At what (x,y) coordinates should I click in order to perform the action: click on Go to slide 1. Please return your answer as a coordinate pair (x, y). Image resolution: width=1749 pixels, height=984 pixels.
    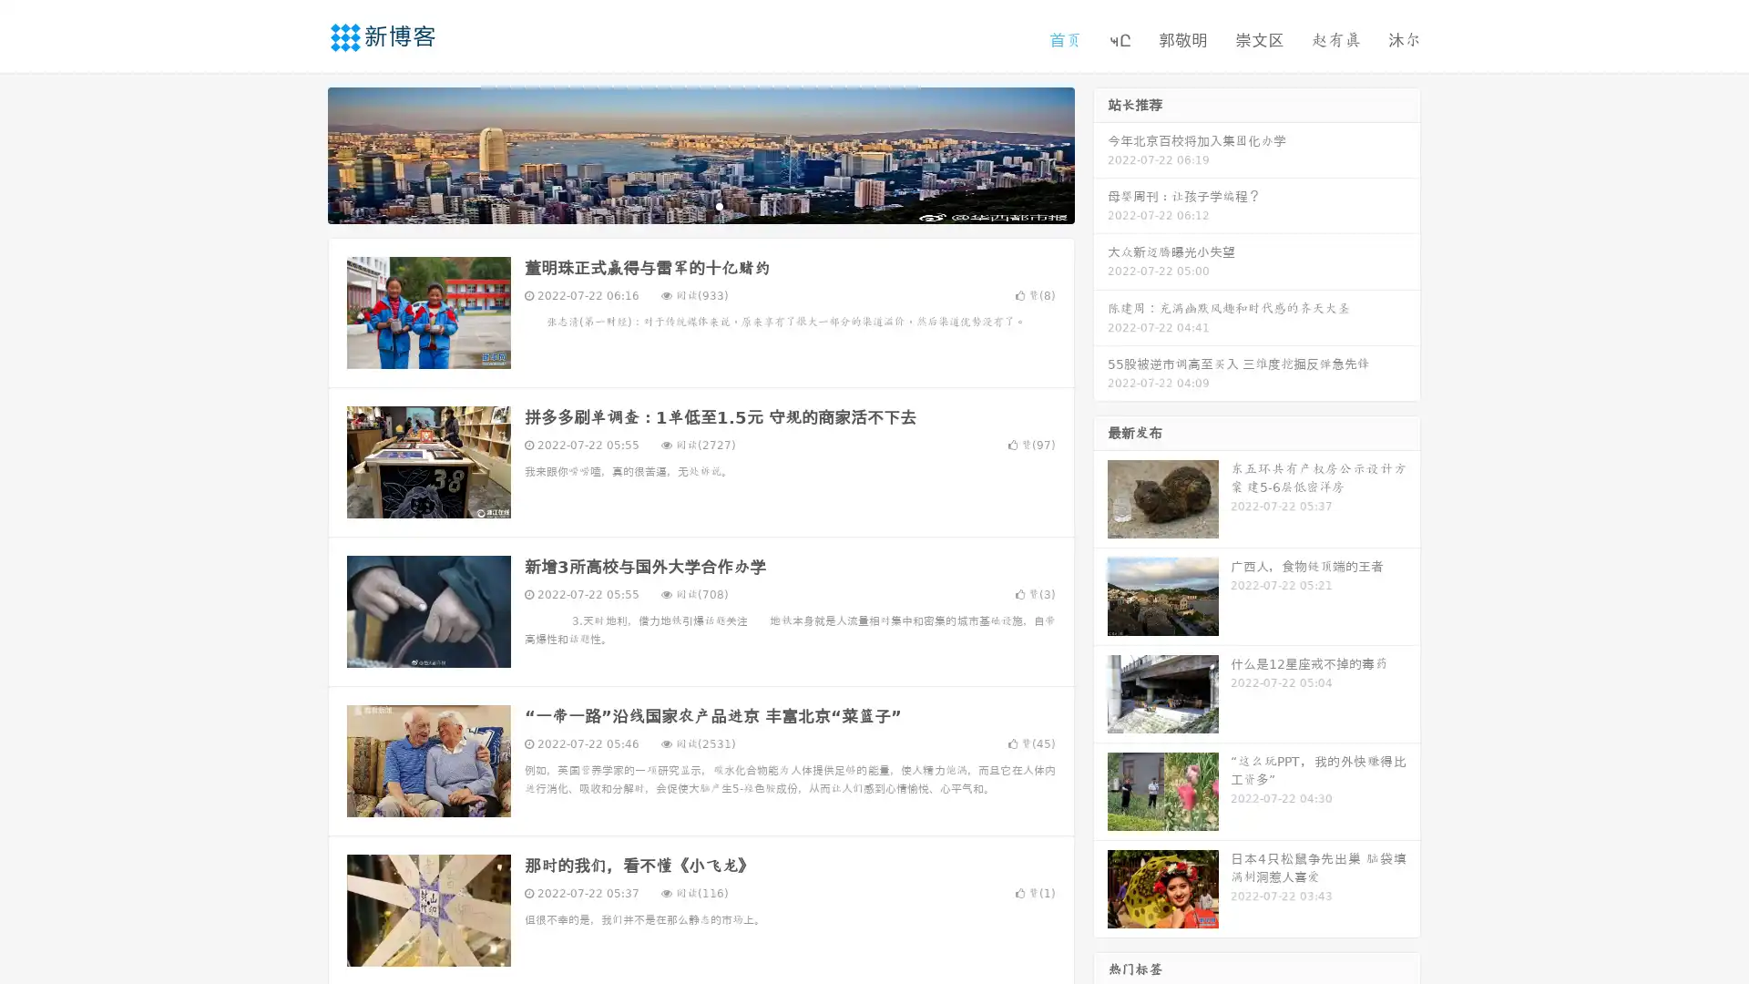
    Looking at the image, I should click on (681, 205).